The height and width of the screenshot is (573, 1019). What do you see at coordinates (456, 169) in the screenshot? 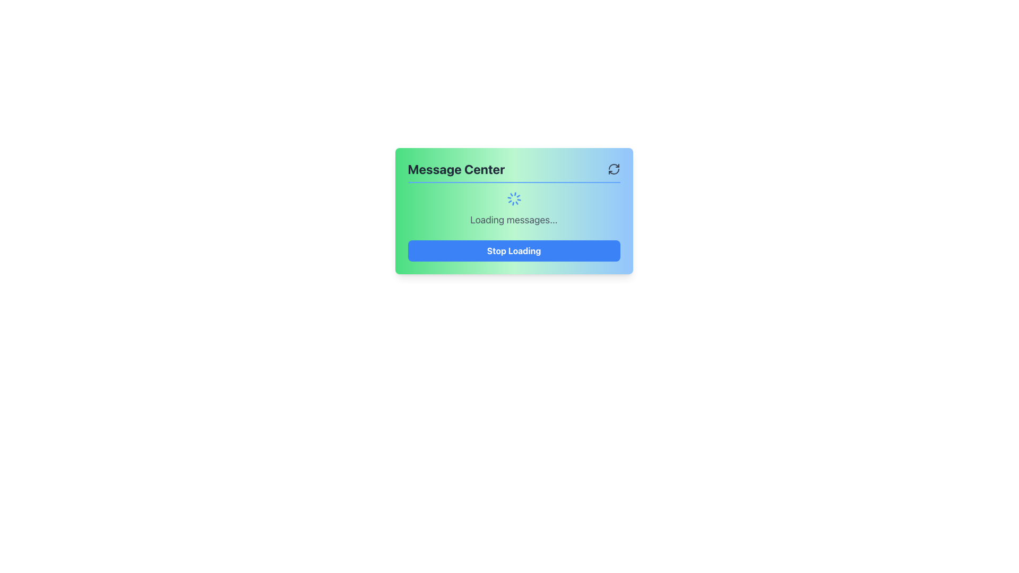
I see `the 'Message Center' static text header, which is a bold, large text in dark gray, positioned on the left side of the top bar with a green-to-blue gradient background` at bounding box center [456, 169].